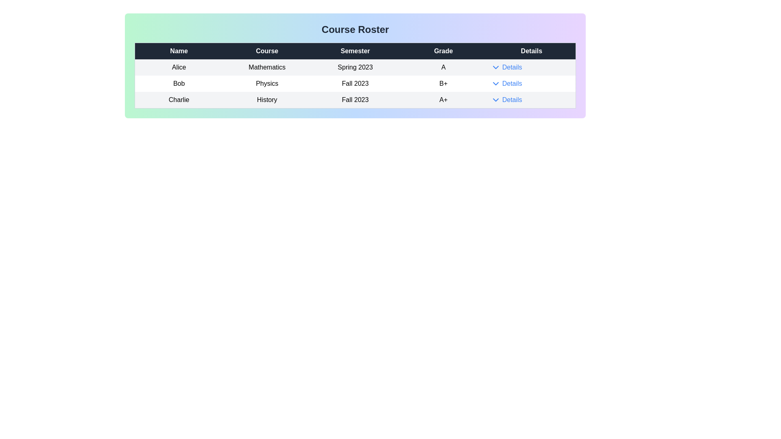  I want to click on the Table Header Cell labeled 'Details', which is the fifth column header in the table layout with a dark background and white text, so click(532, 51).